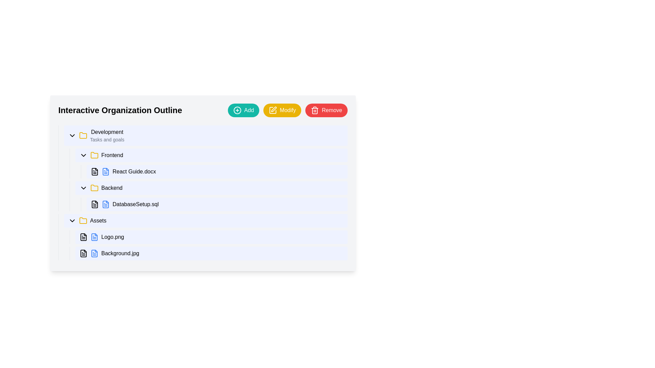 This screenshot has height=368, width=655. I want to click on the 'React Guide.docx' file entry, which is the second item under the 'Frontend' section, so click(214, 171).